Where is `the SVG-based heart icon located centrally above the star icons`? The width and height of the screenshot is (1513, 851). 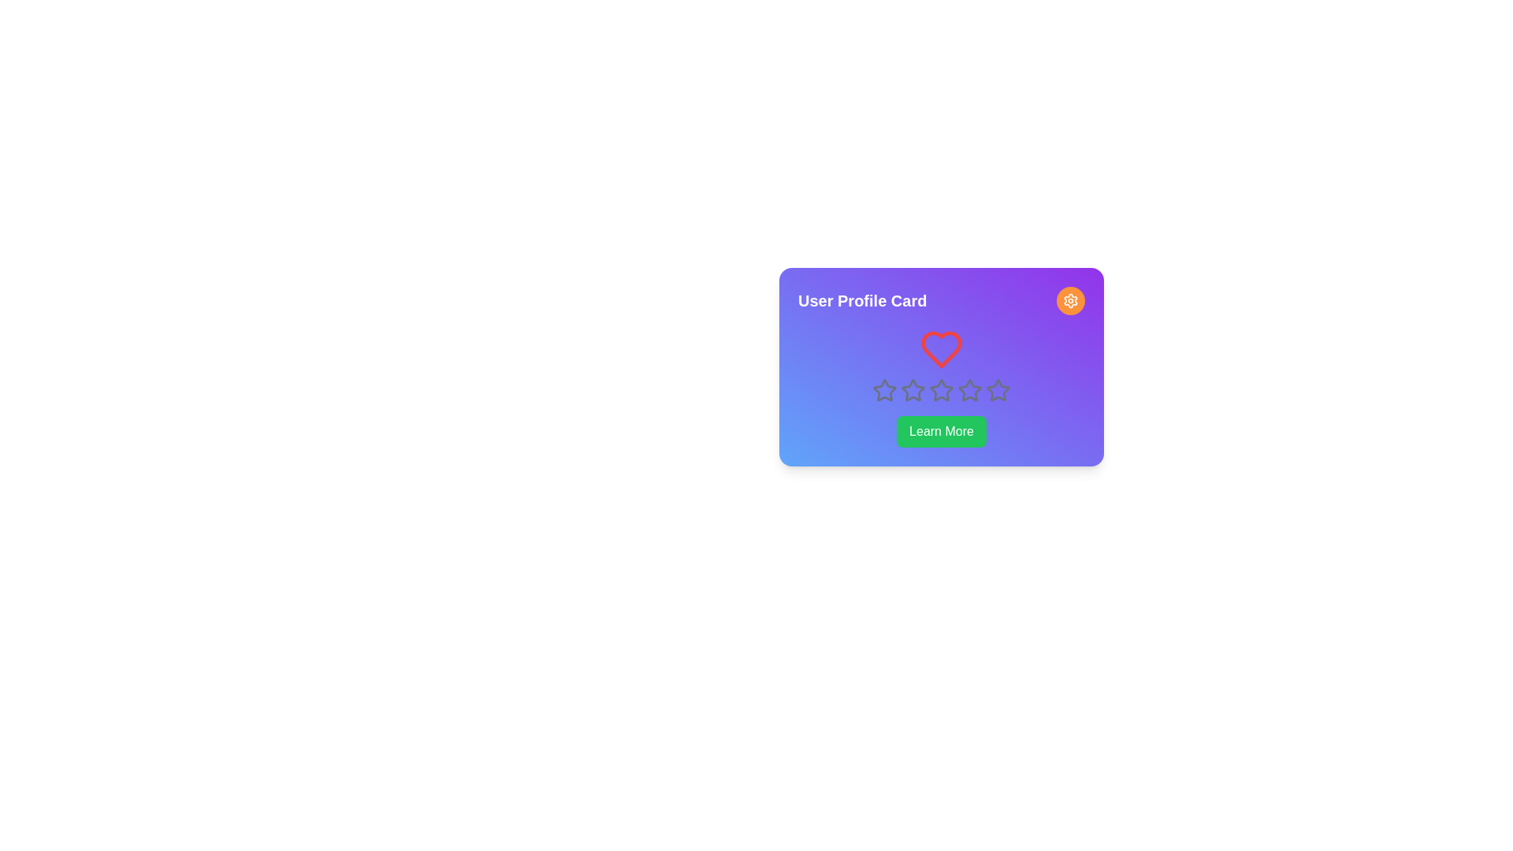
the SVG-based heart icon located centrally above the star icons is located at coordinates (942, 348).